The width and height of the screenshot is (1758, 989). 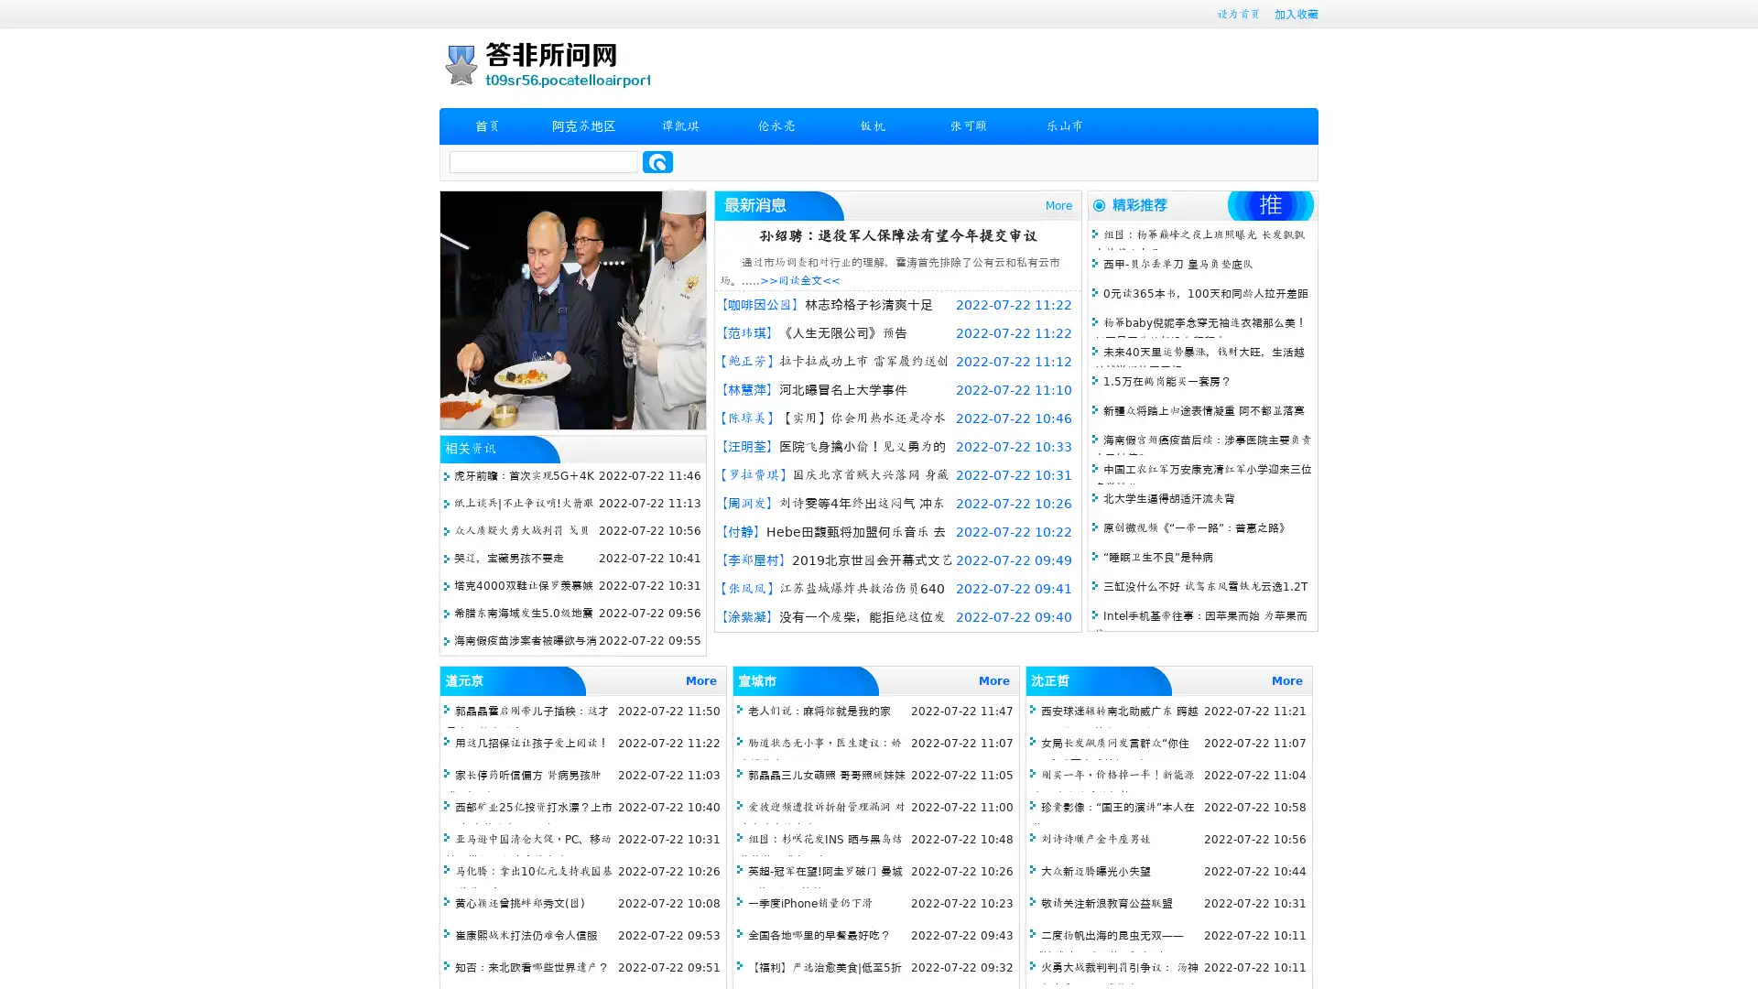 What do you see at coordinates (657, 161) in the screenshot?
I see `Search` at bounding box center [657, 161].